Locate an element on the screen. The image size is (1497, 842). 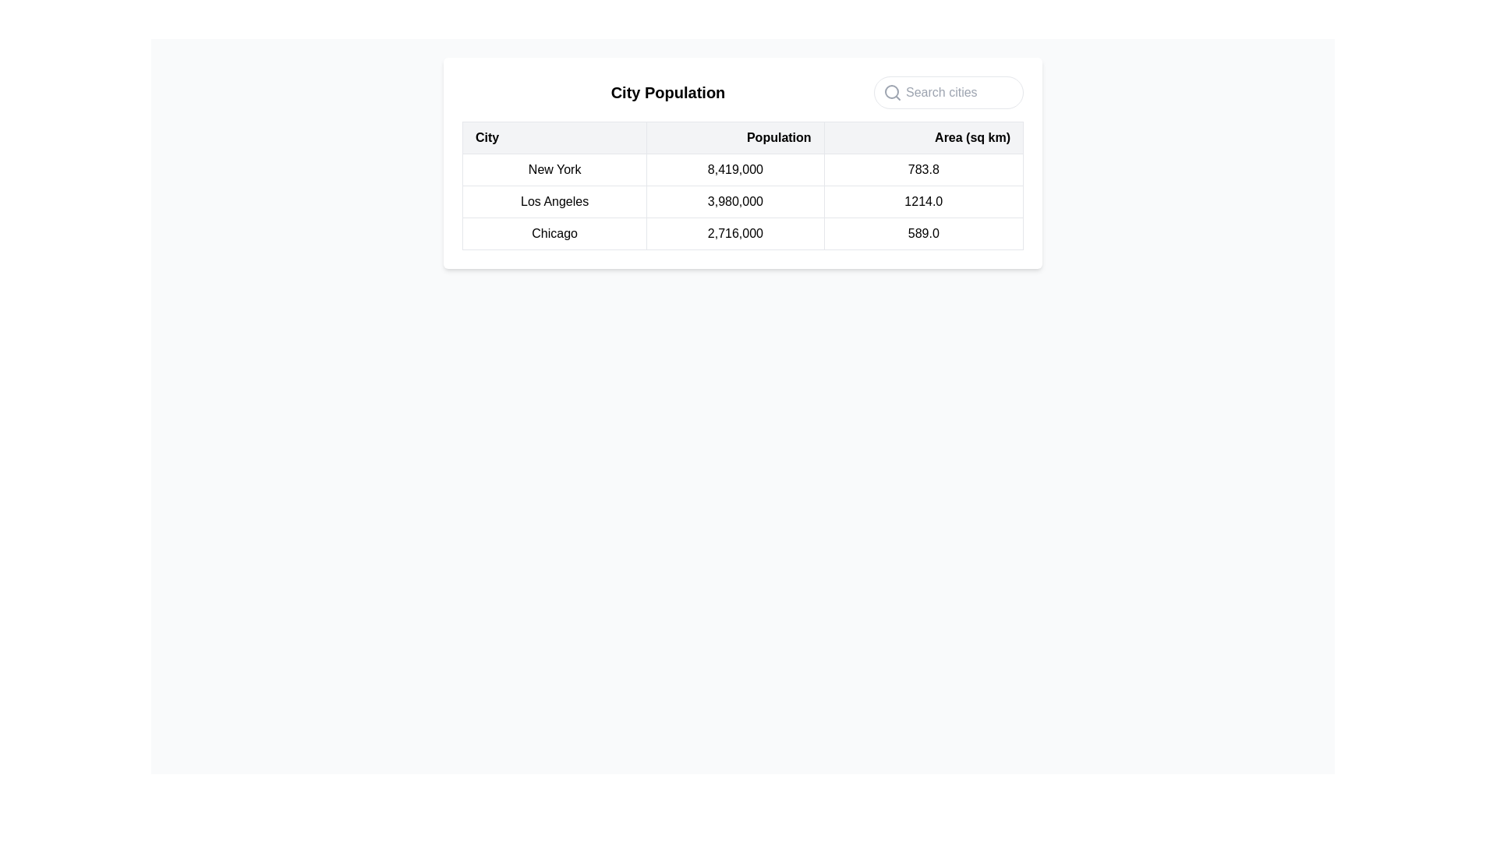
the search icon resembling a magnifying glass located on the left side of the search bar, near the placeholder text 'Search cities' is located at coordinates (893, 93).